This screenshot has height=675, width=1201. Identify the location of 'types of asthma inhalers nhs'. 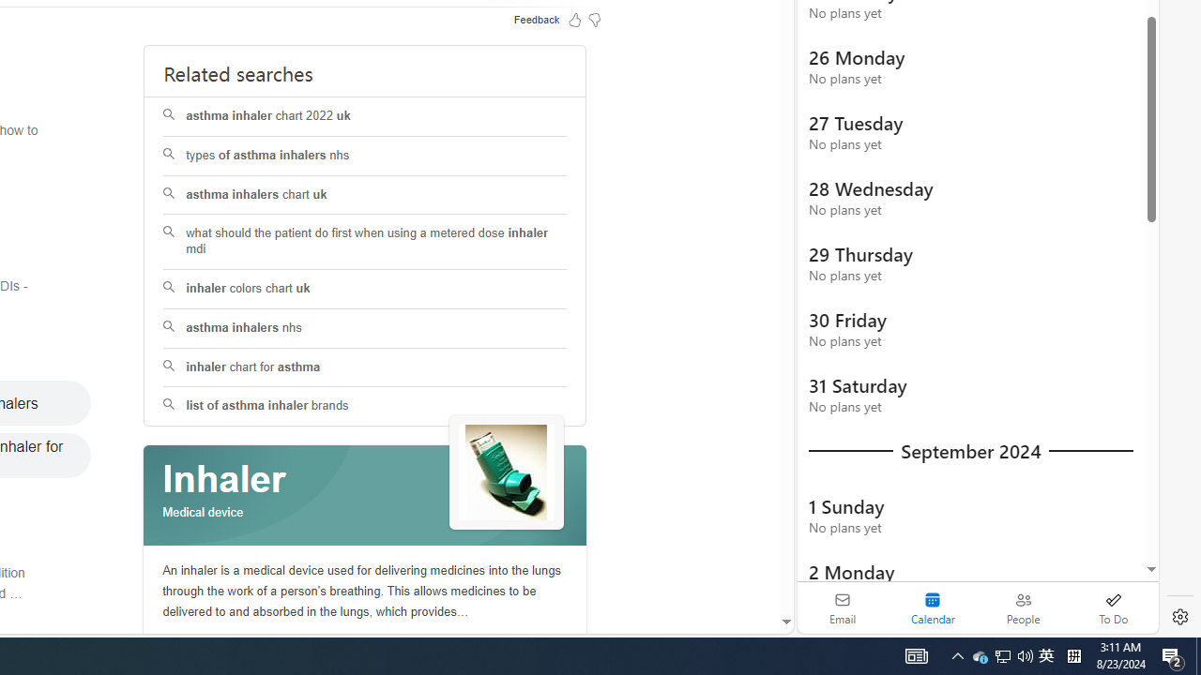
(365, 154).